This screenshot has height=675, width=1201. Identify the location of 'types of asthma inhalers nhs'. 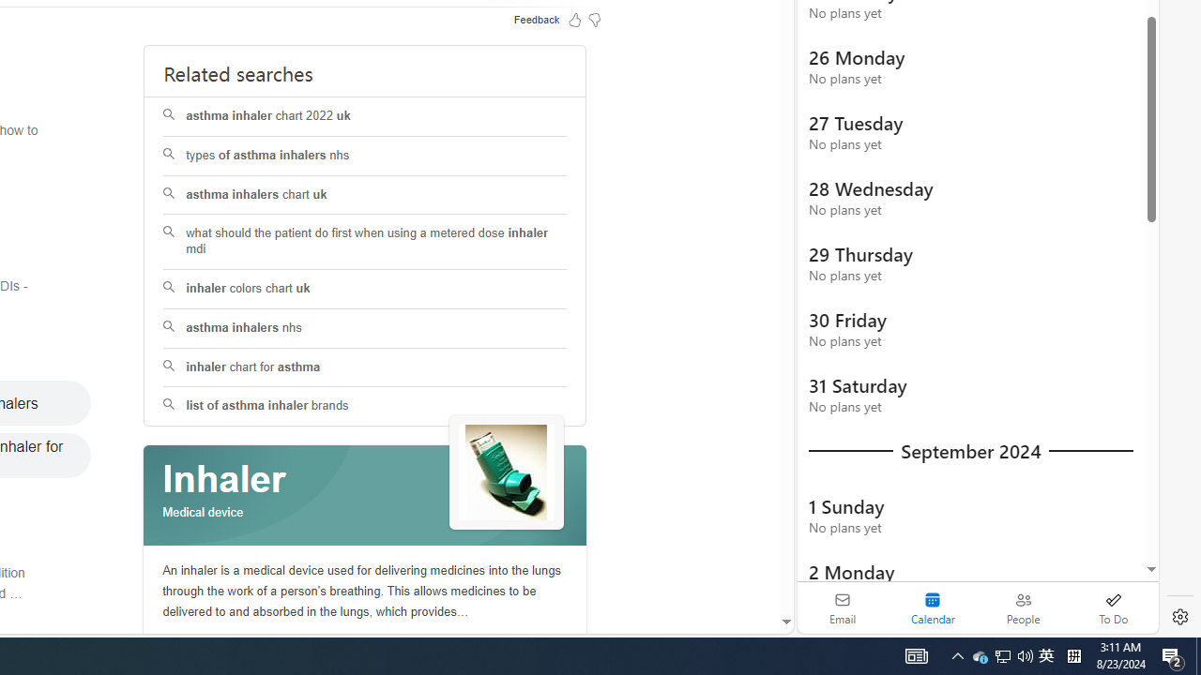
(365, 154).